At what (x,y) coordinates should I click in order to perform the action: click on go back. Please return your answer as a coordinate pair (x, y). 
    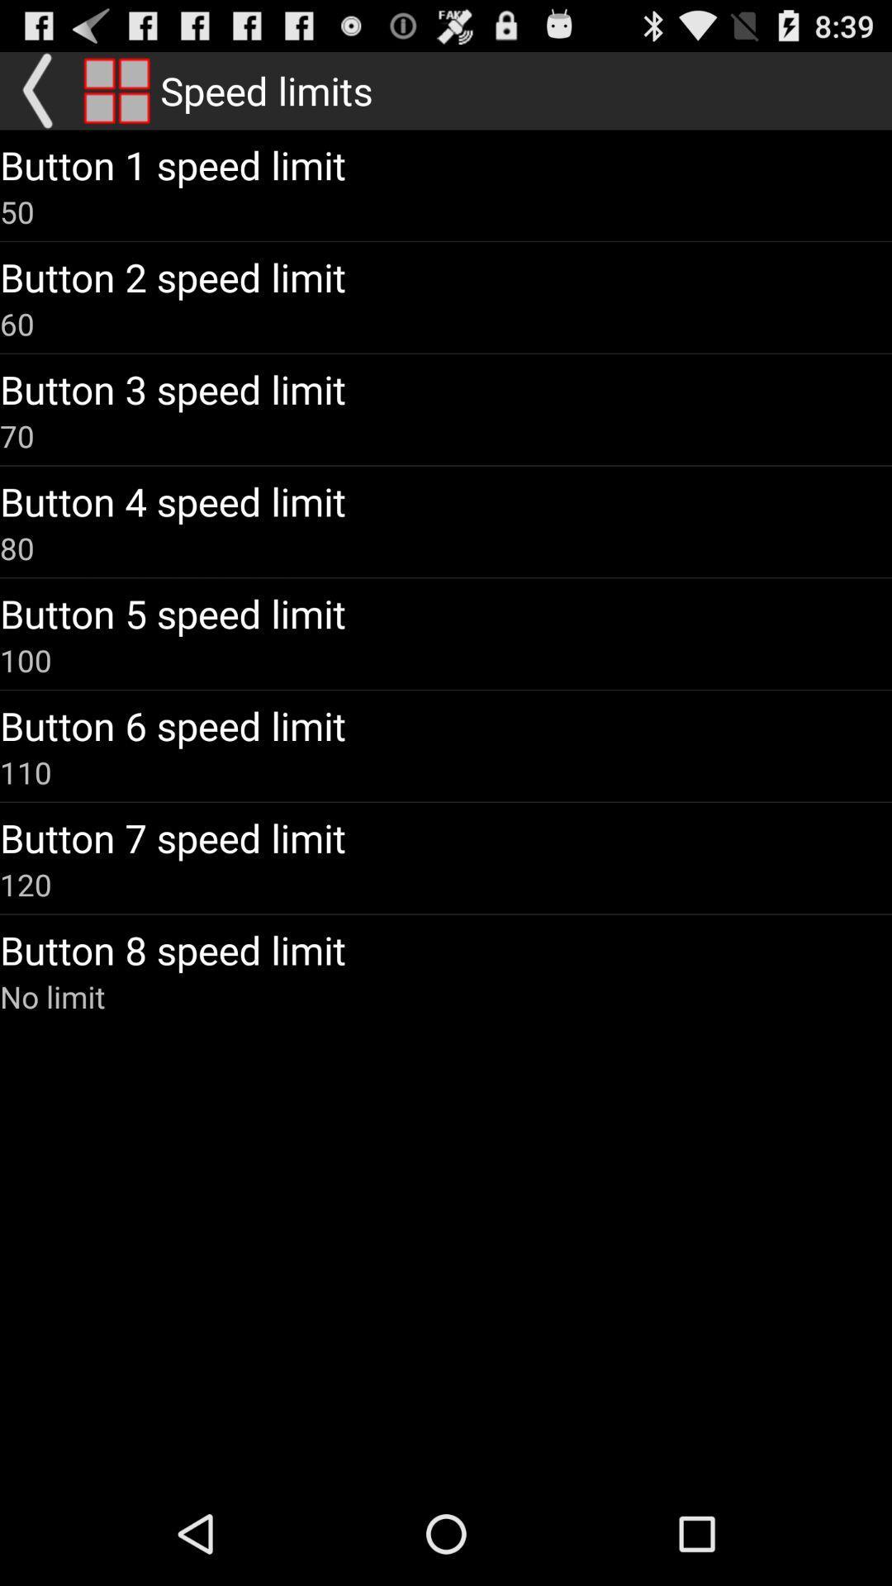
    Looking at the image, I should click on (38, 90).